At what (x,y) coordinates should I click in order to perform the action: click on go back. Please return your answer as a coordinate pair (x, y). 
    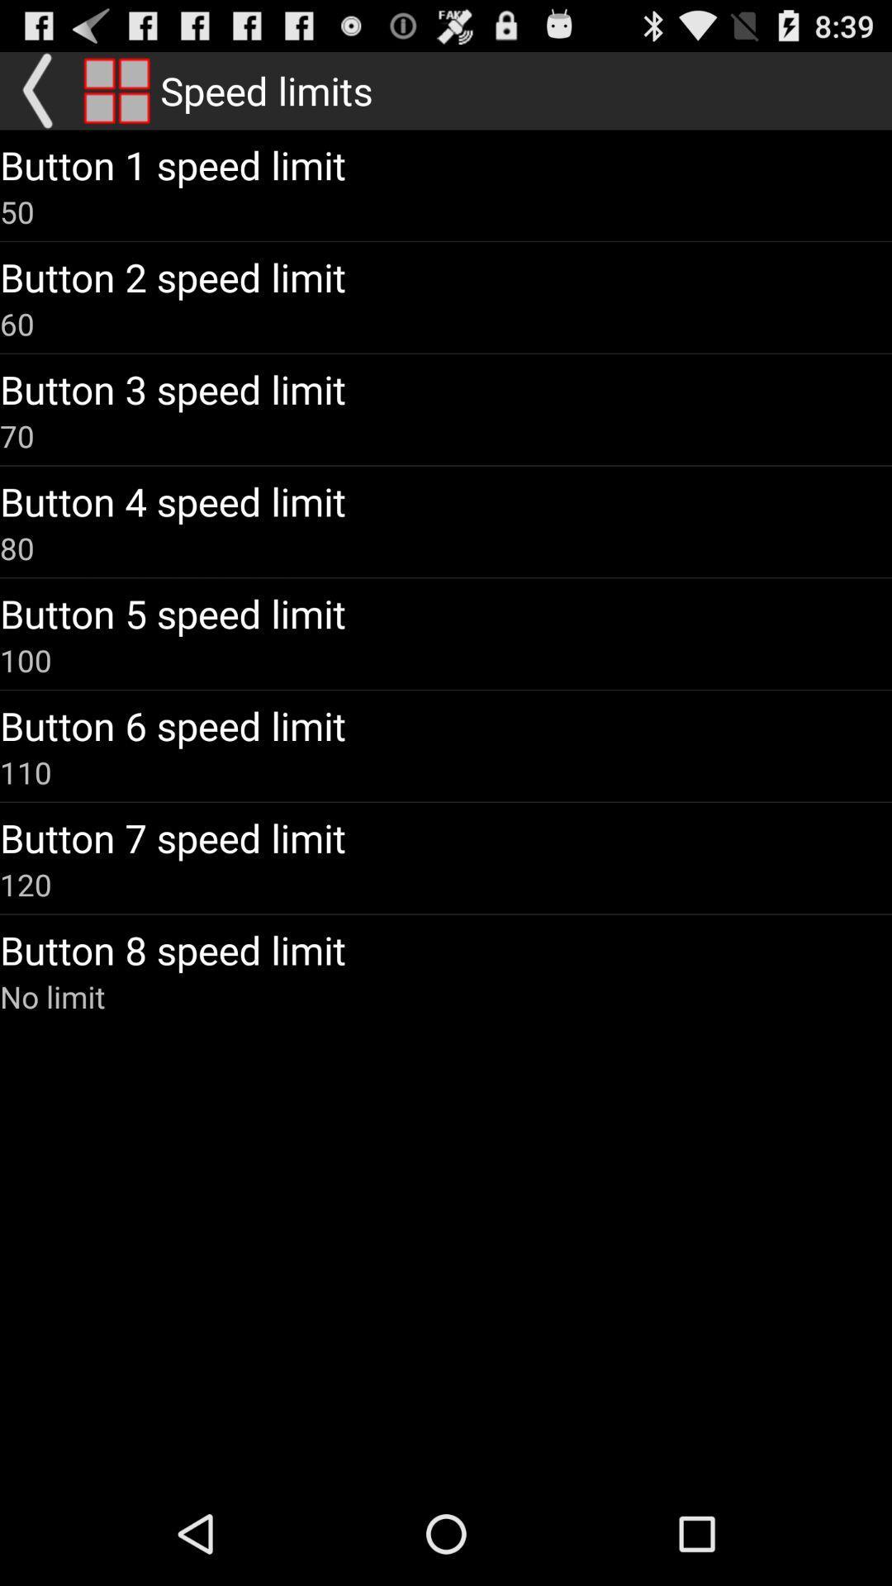
    Looking at the image, I should click on (38, 90).